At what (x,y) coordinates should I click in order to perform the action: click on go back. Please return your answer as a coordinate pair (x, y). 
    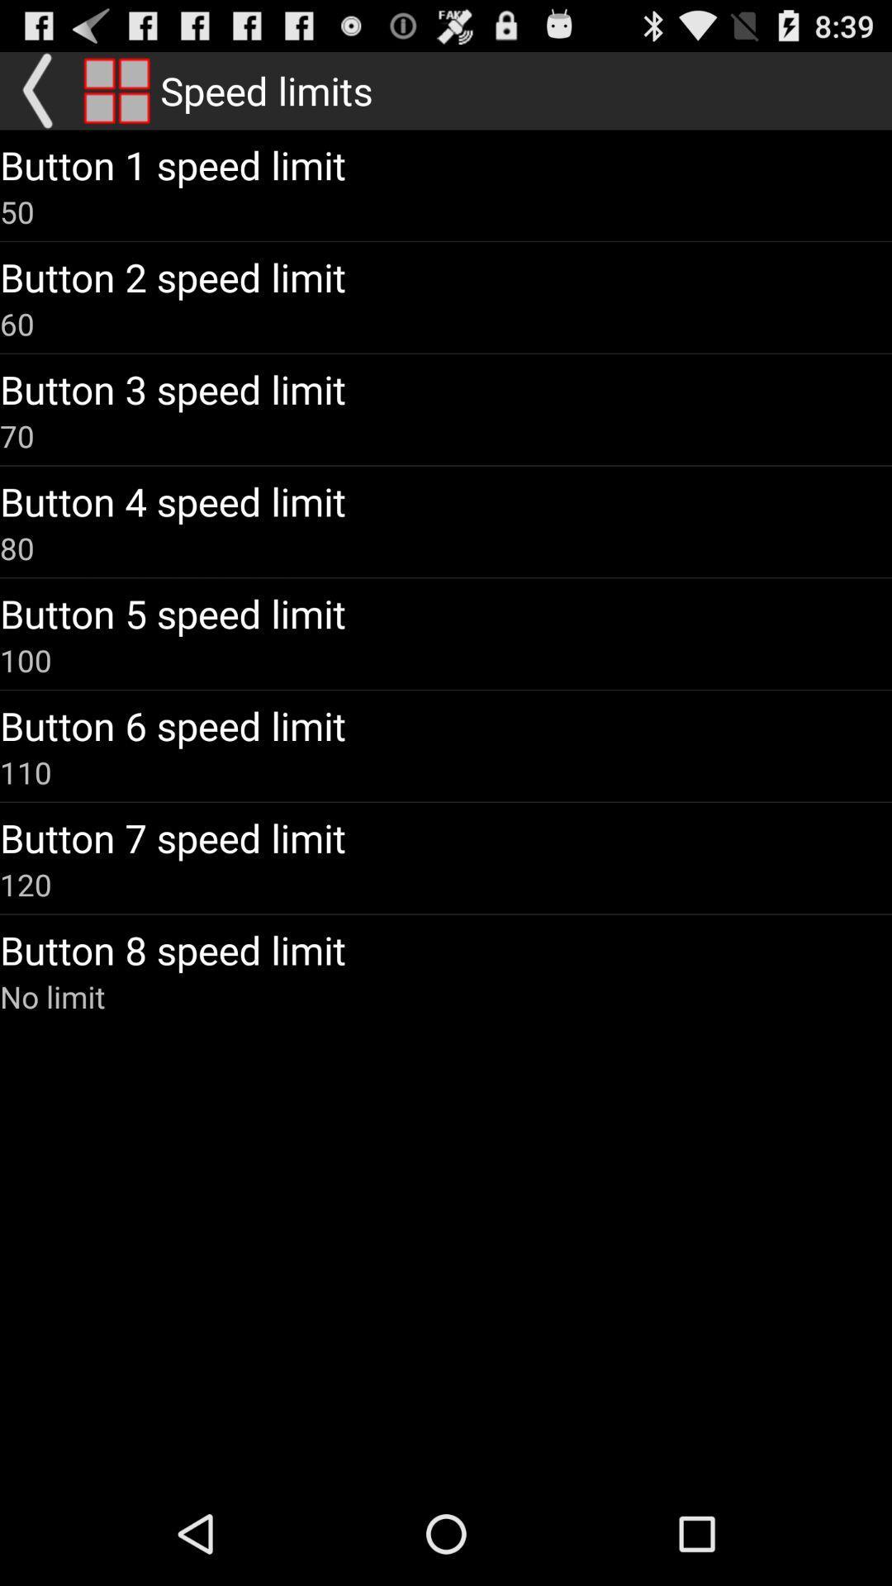
    Looking at the image, I should click on (38, 90).